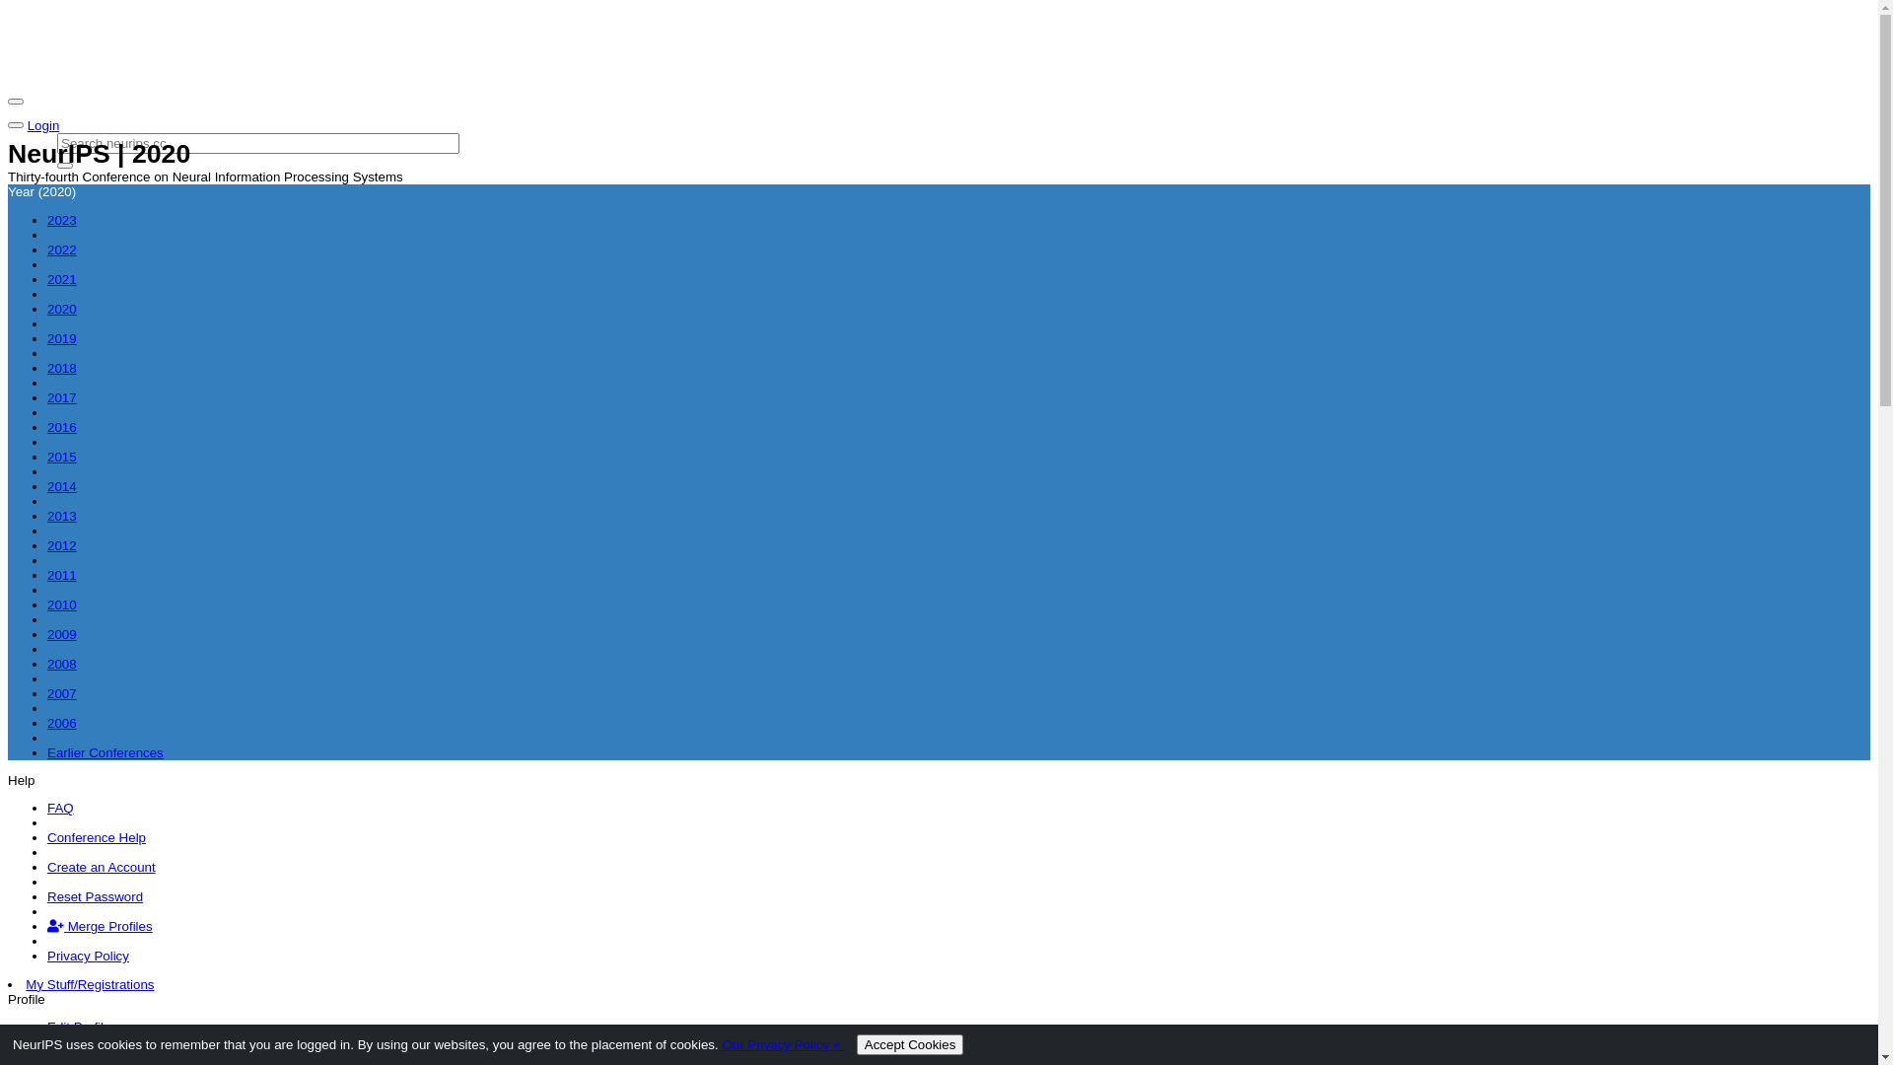 The image size is (1893, 1065). What do you see at coordinates (43, 125) in the screenshot?
I see `'Login'` at bounding box center [43, 125].